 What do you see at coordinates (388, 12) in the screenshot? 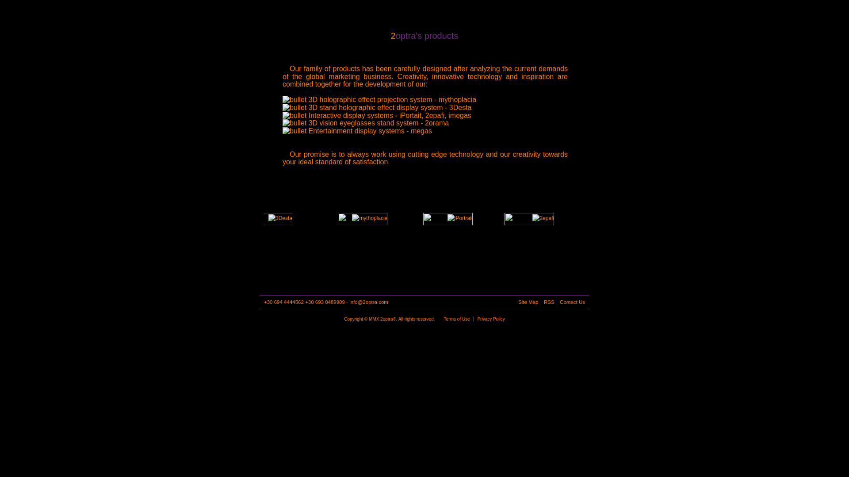
I see `'solutions'` at bounding box center [388, 12].